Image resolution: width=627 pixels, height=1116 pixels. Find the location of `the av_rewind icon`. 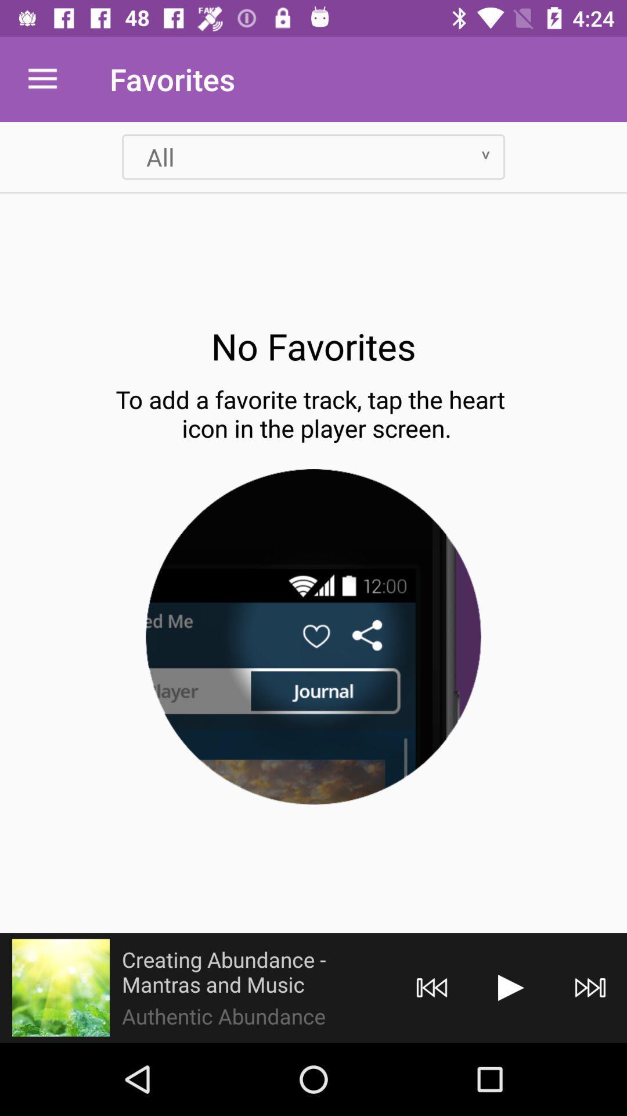

the av_rewind icon is located at coordinates (432, 987).